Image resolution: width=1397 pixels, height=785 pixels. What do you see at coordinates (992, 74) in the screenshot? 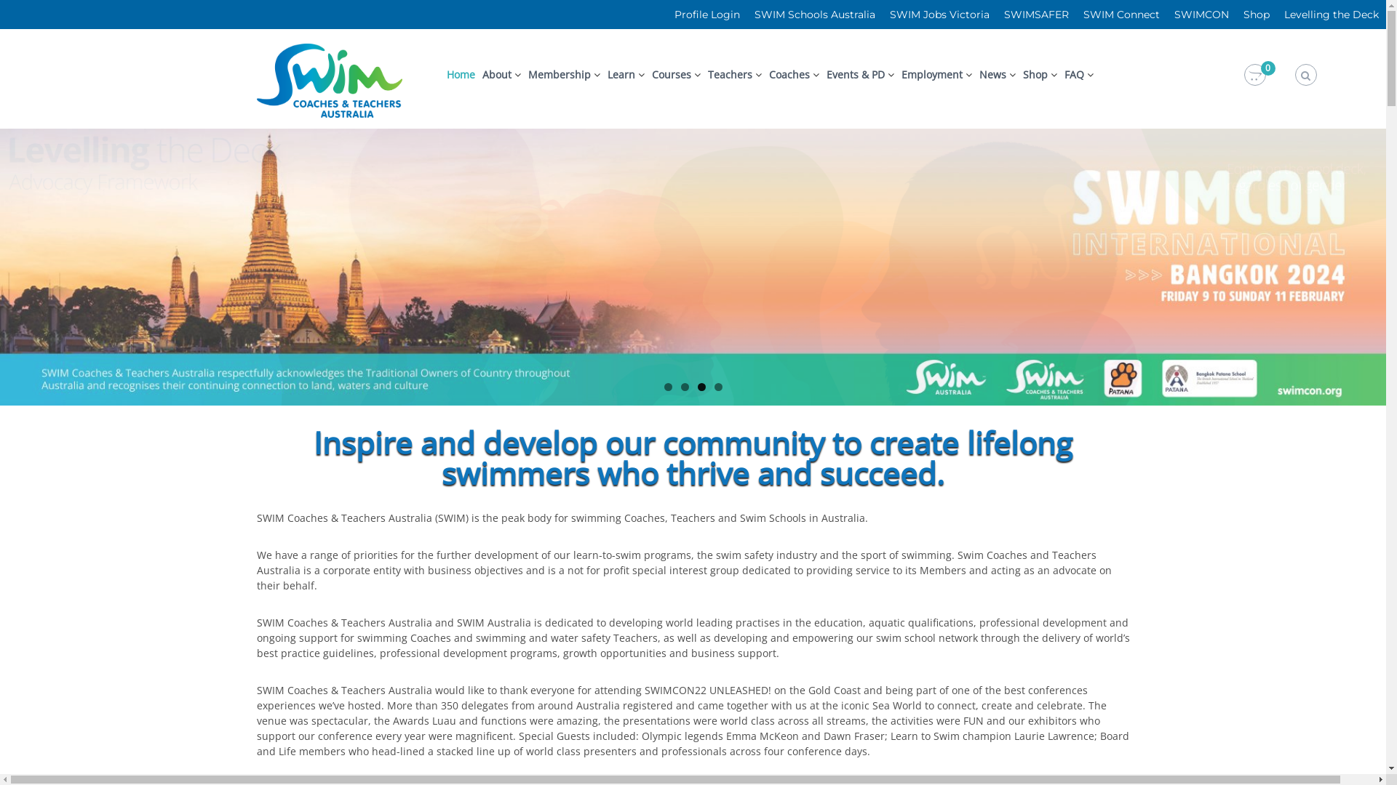
I see `'News'` at bounding box center [992, 74].